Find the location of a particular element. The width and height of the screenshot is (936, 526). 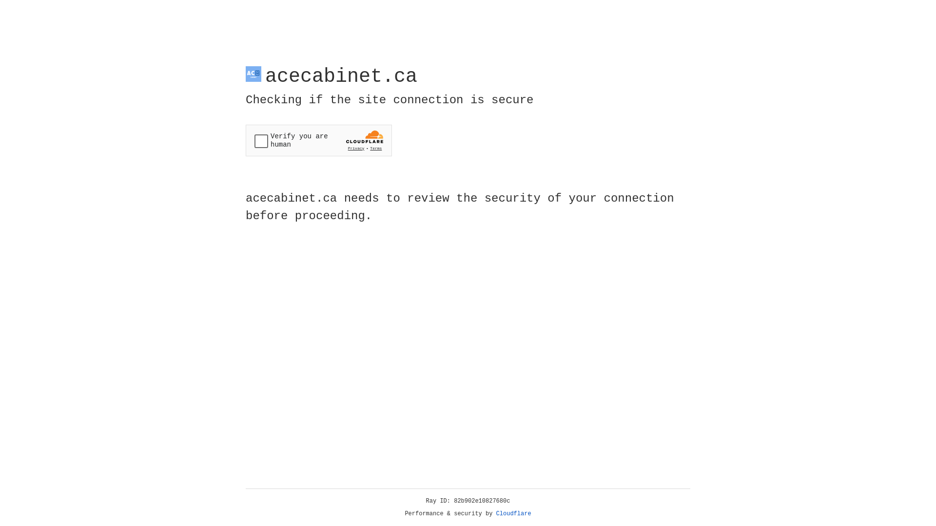

'Widget containing a Cloudflare security challenge' is located at coordinates (318, 140).